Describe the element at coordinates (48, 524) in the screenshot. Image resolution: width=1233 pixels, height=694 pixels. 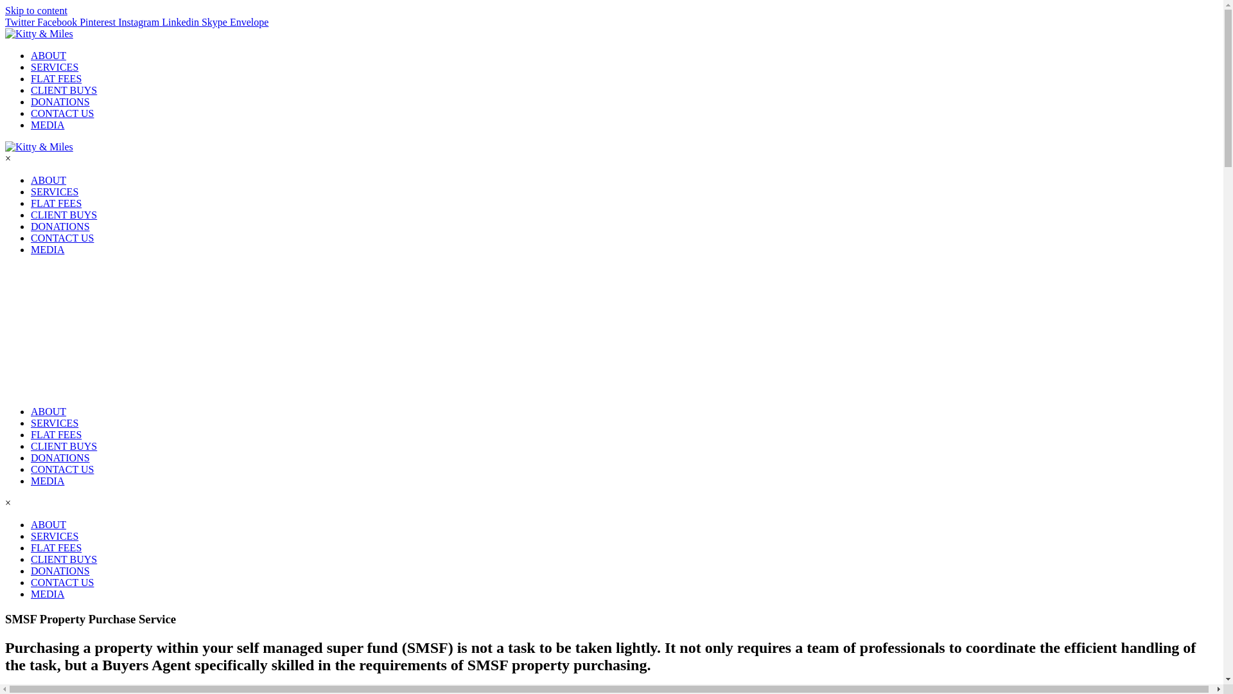
I see `'ABOUT'` at that location.